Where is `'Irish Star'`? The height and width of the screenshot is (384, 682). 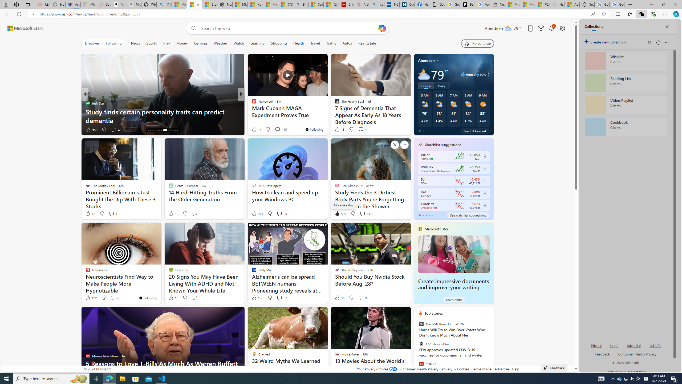 'Irish Star' is located at coordinates (87, 103).